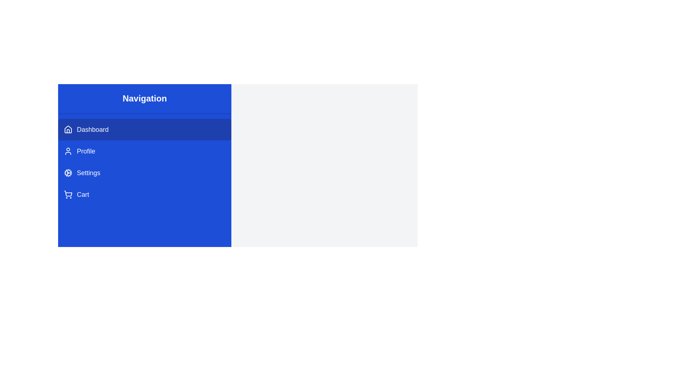 The height and width of the screenshot is (390, 693). I want to click on the 'Dashboard' menu item icon, which is represented by a house icon in the vertical navigation menu on the left side of the interface, so click(68, 131).